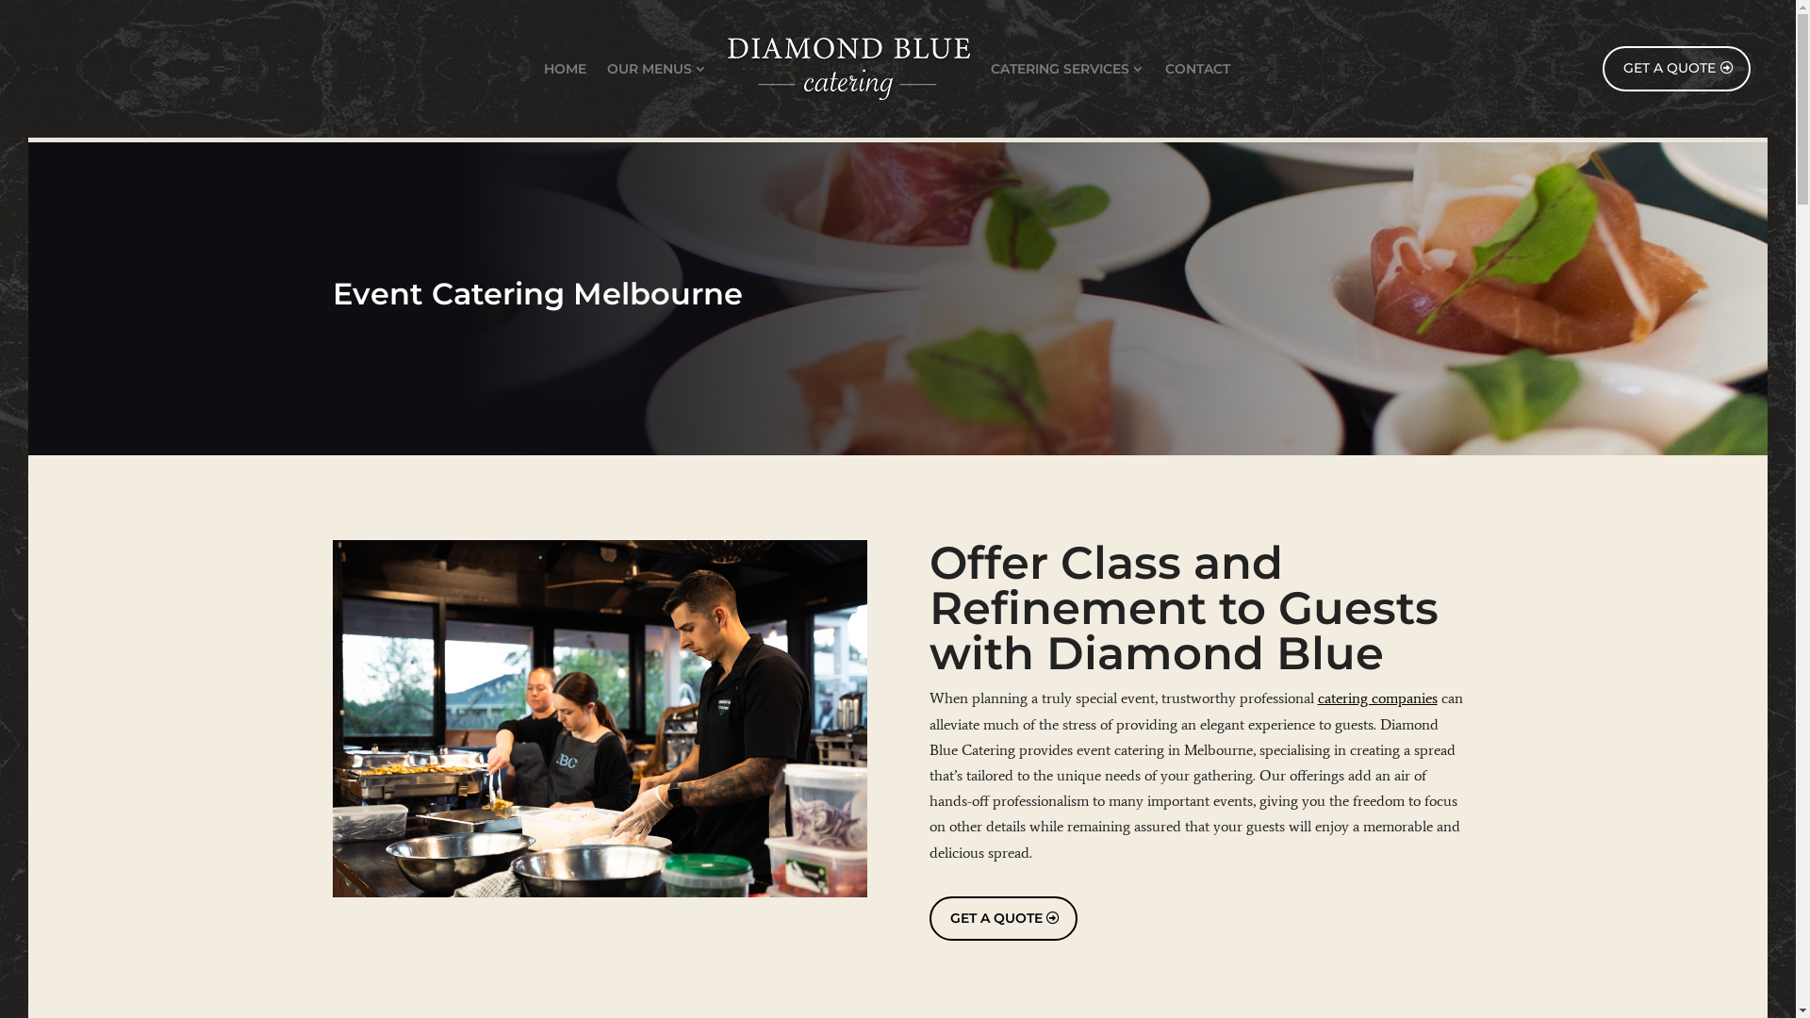 Image resolution: width=1810 pixels, height=1018 pixels. I want to click on 'catering companies', so click(1377, 698).